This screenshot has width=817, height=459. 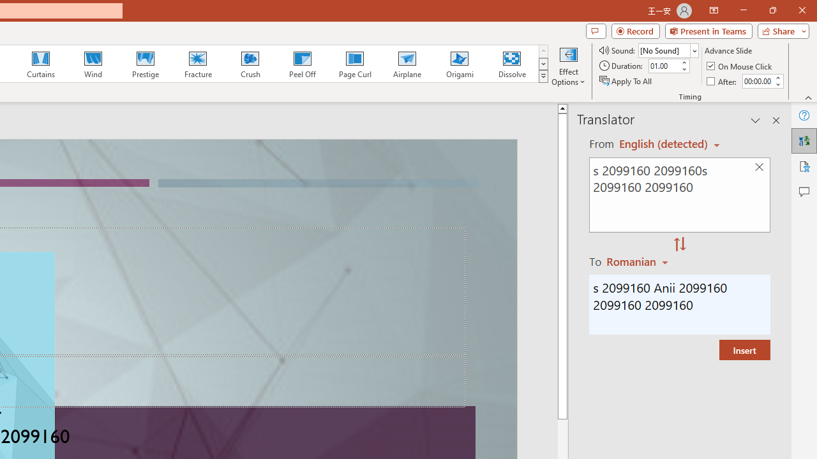 I want to click on 'Clear text', so click(x=759, y=167).